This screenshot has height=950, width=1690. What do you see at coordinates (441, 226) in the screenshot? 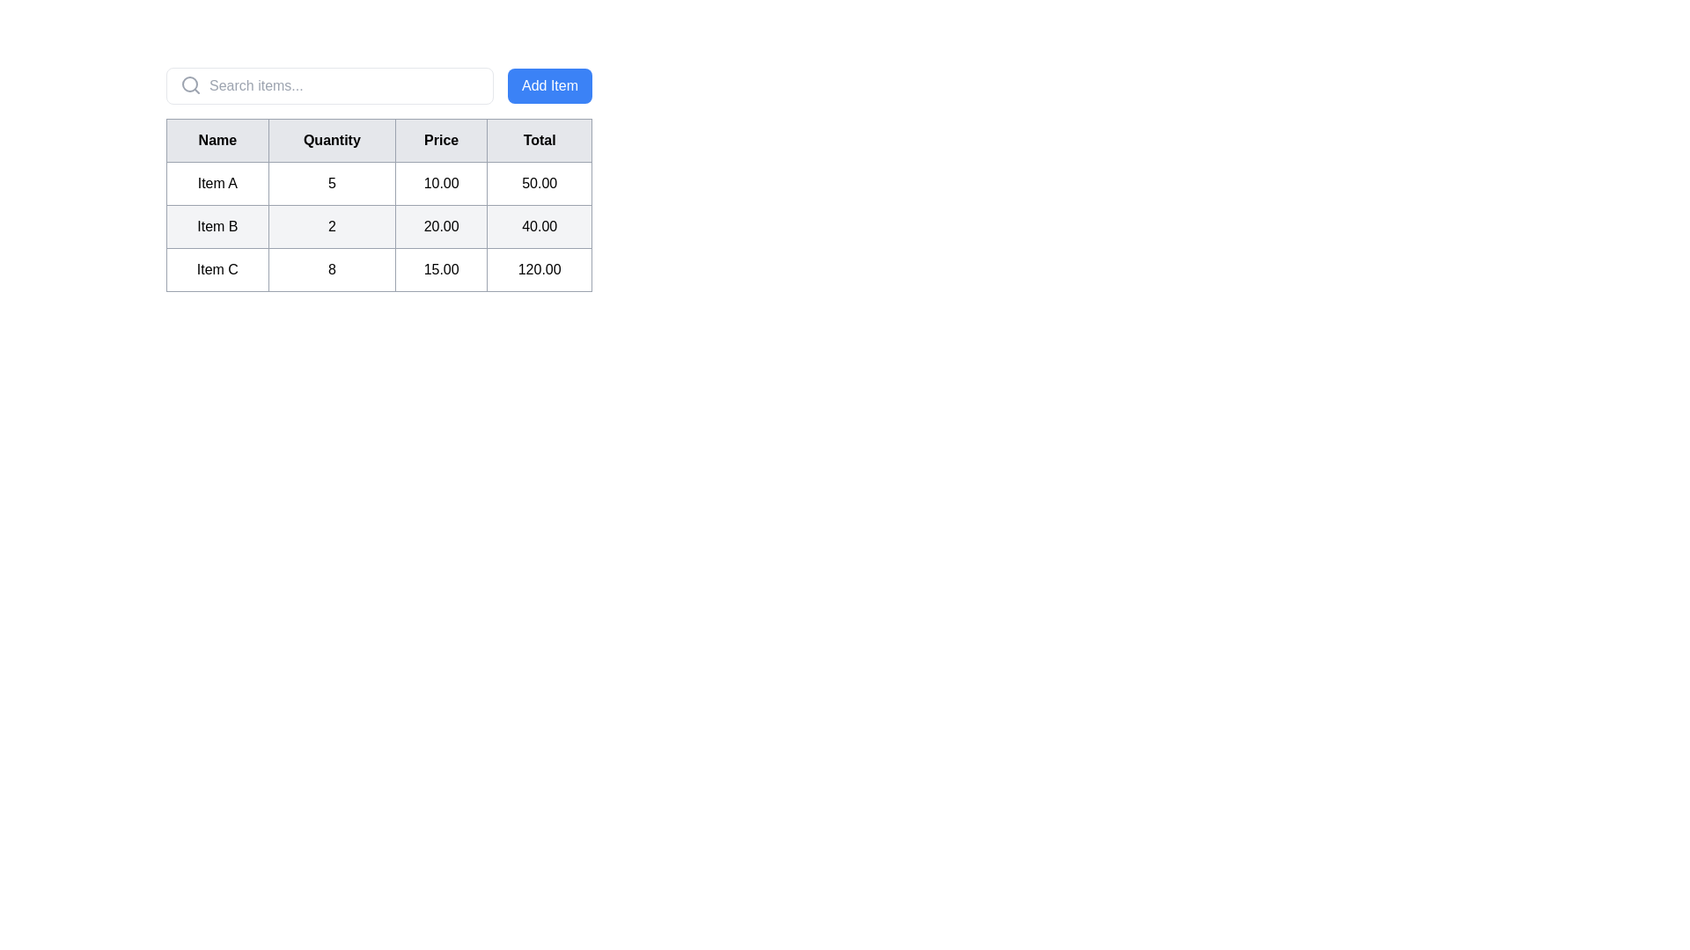
I see `the text label displaying '20.00' in the third column of the second row under the 'Price' header in the table` at bounding box center [441, 226].